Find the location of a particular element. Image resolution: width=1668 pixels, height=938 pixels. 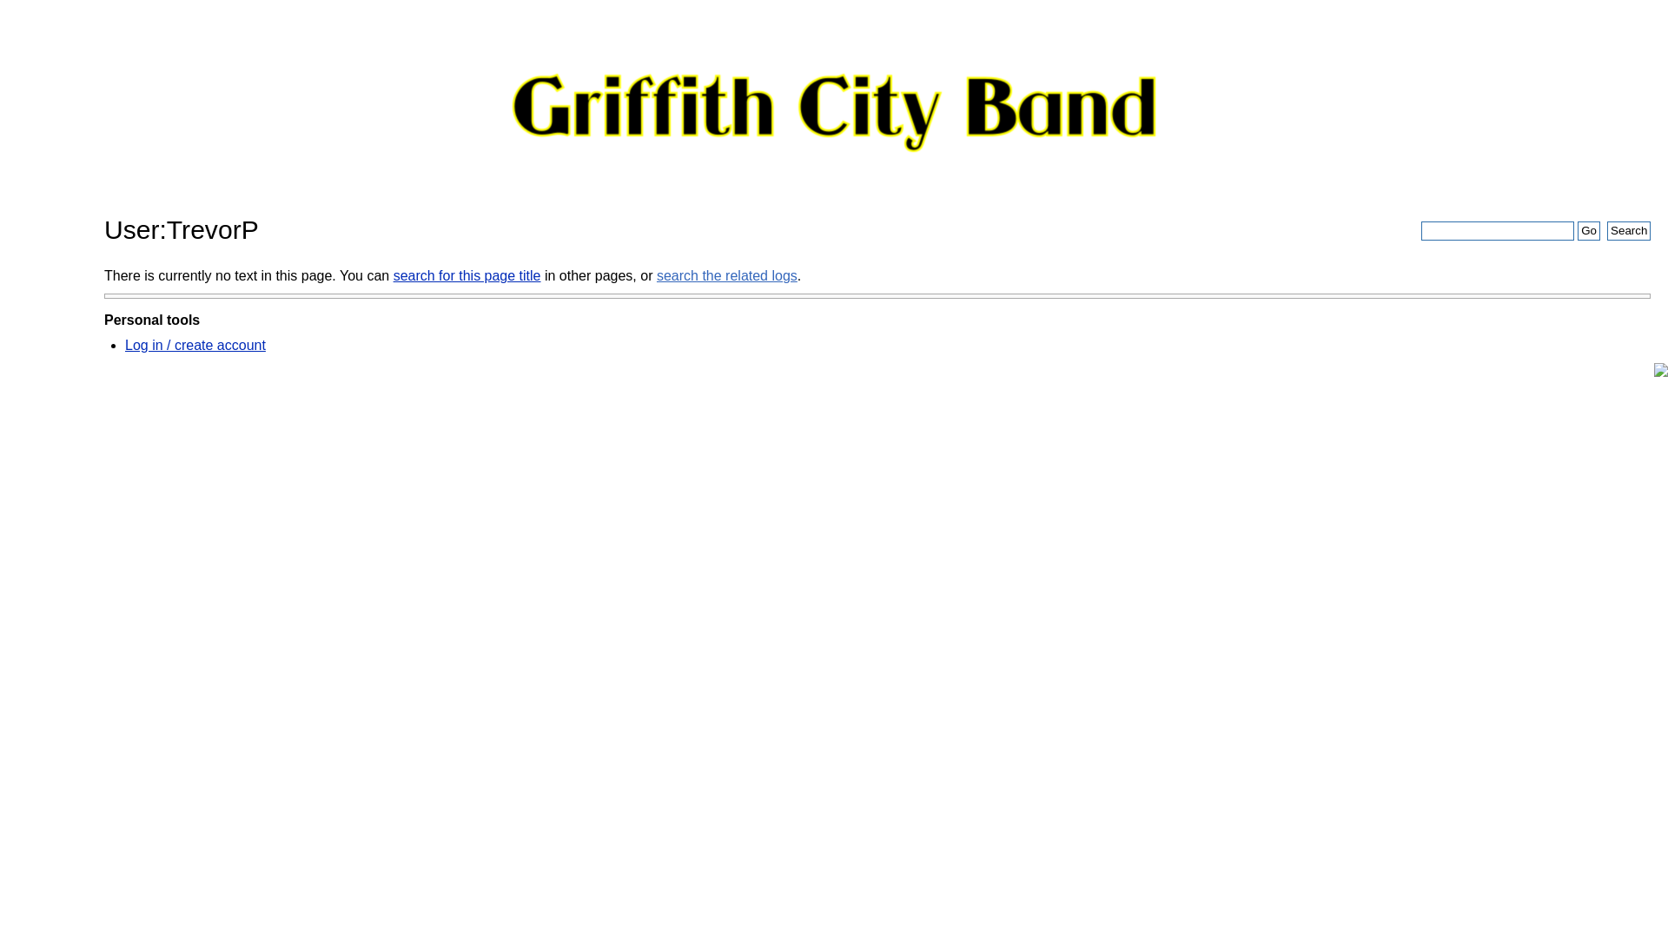

'Search the pages for this text' is located at coordinates (1605, 230).